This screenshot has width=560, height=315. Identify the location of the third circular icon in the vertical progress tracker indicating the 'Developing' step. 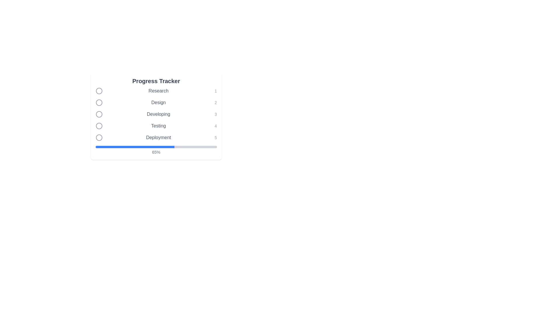
(99, 114).